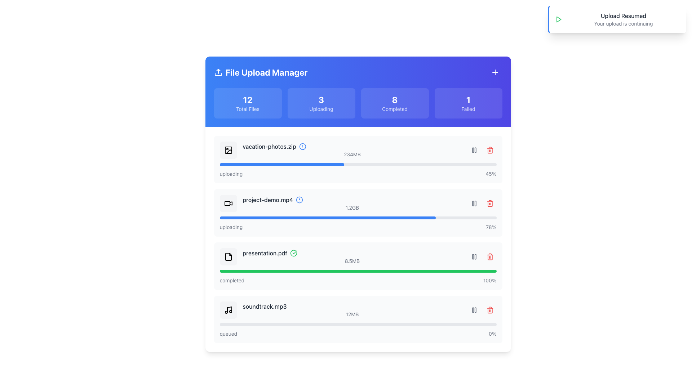 Image resolution: width=692 pixels, height=389 pixels. Describe the element at coordinates (623, 19) in the screenshot. I see `information displayed in the notification text label located at the top-right corner of the interface, which indicates that the upload process has resumed` at that location.